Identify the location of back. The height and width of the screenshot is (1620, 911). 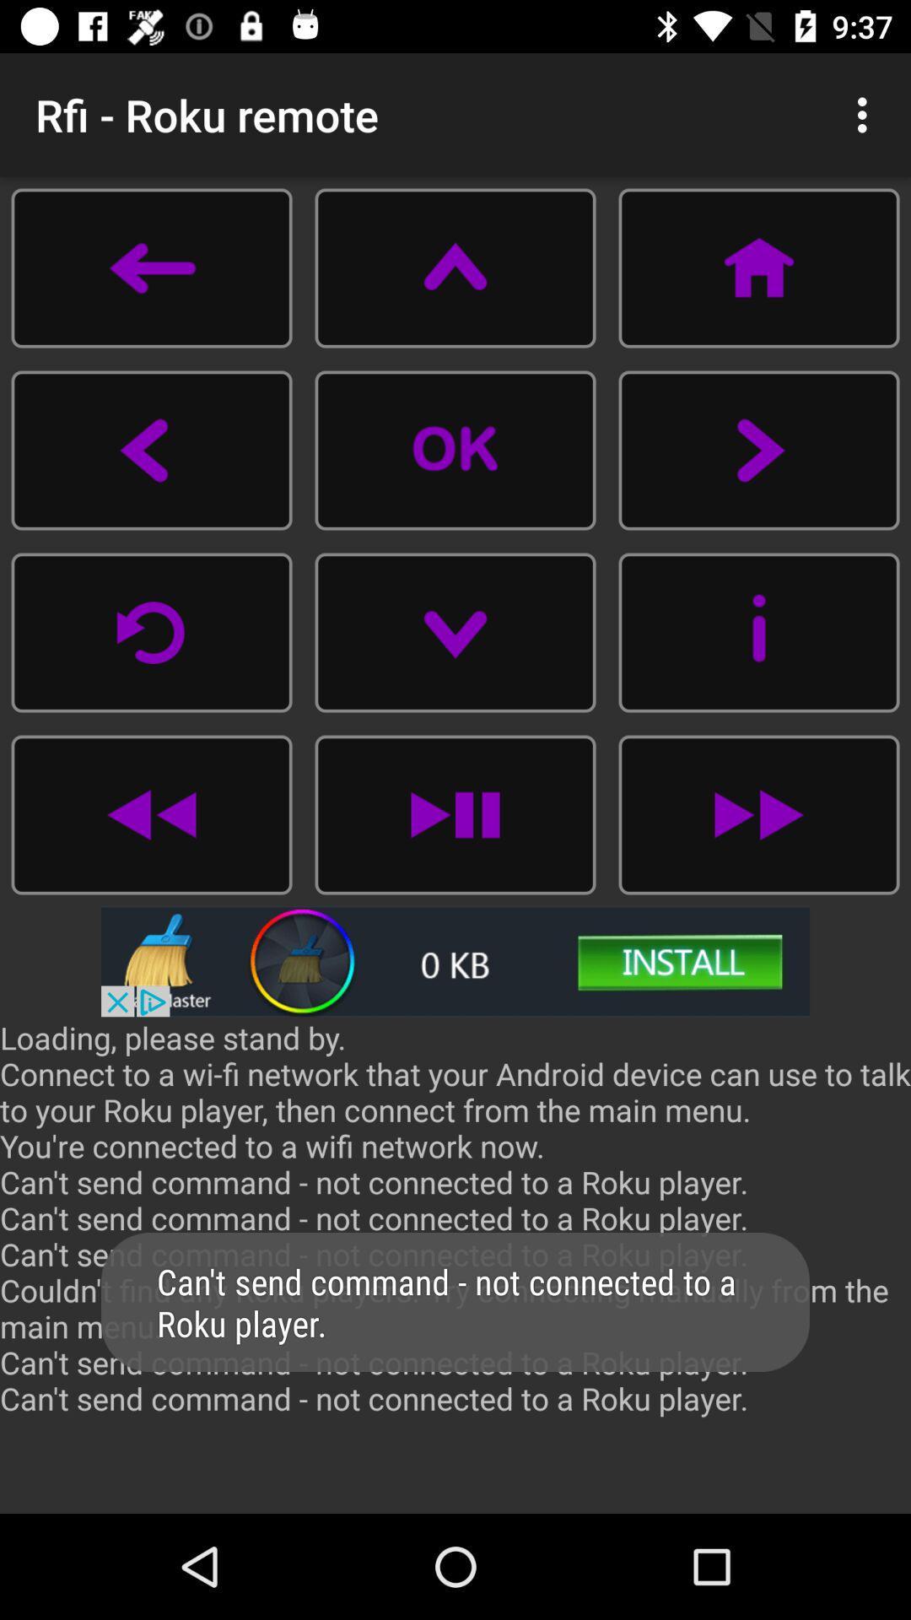
(152, 814).